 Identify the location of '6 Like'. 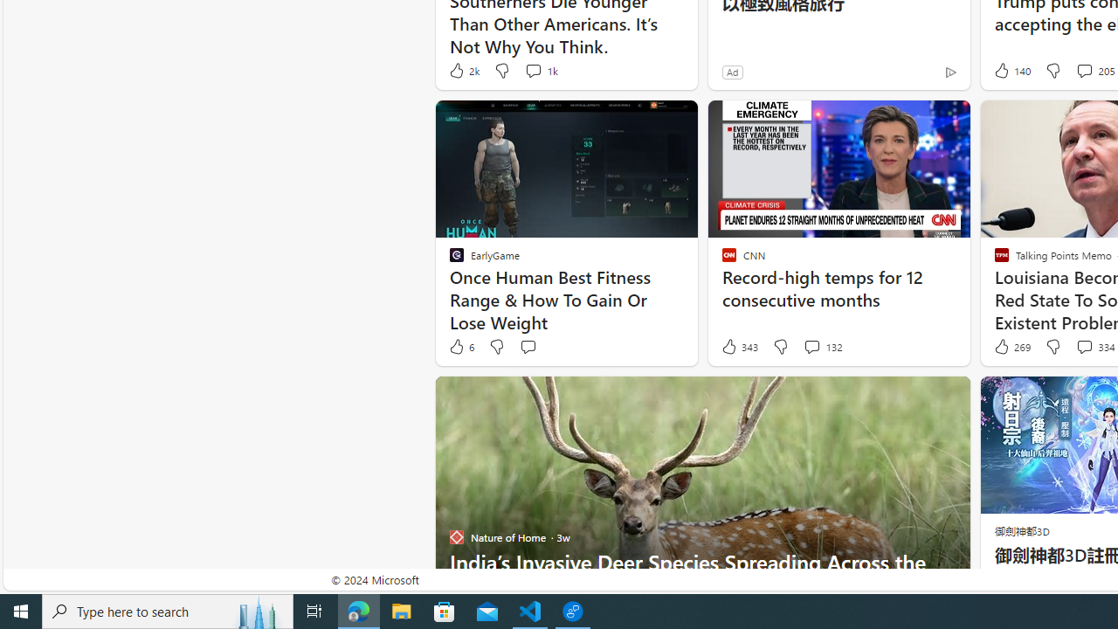
(460, 347).